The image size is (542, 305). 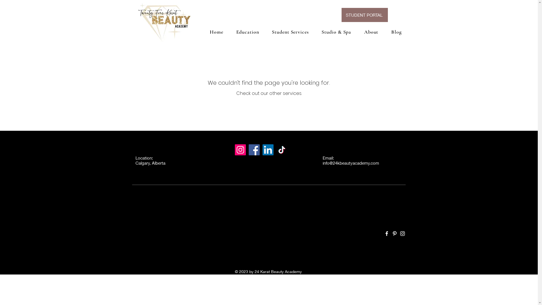 I want to click on 'STUDENT PORTAL', so click(x=341, y=14).